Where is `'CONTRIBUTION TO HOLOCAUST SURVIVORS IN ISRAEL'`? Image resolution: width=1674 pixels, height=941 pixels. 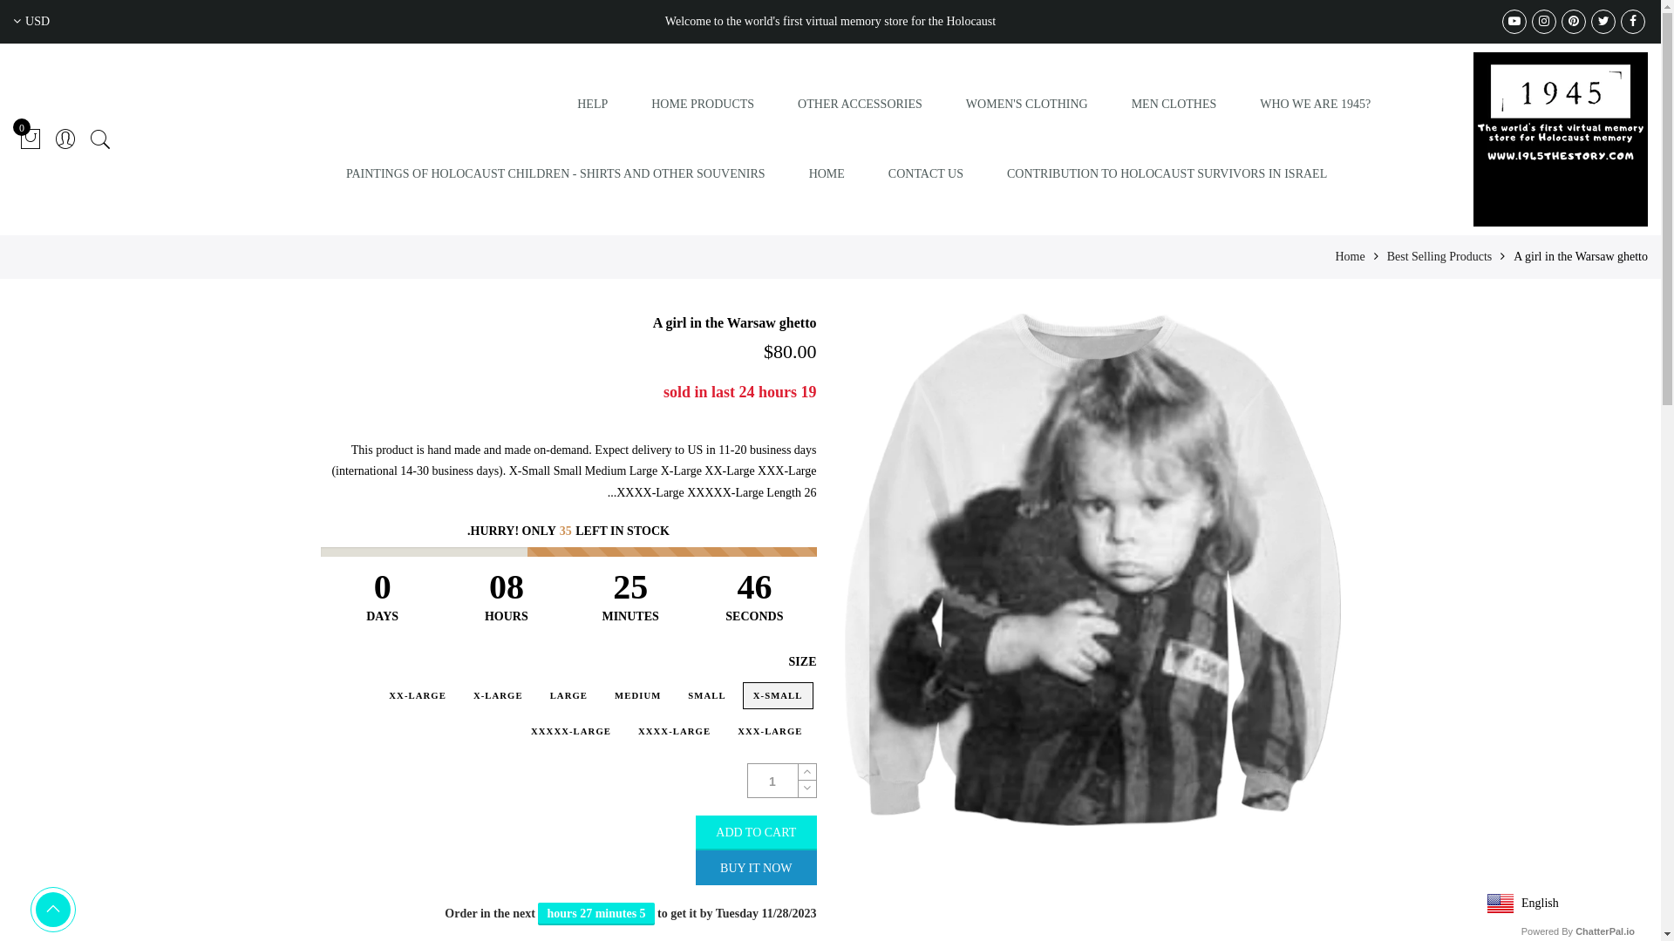
'CONTRIBUTION TO HOLOCAUST SURVIVORS IN ISRAEL' is located at coordinates (1167, 173).